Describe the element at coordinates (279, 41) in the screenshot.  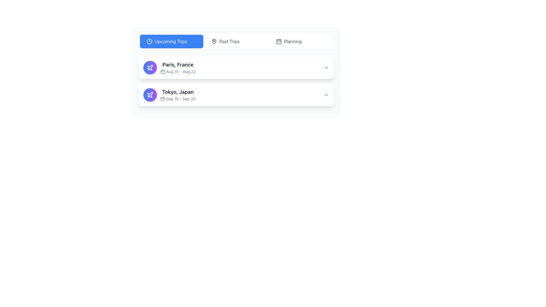
I see `the internal rounded rectangle of the calendar icon located within the 'Planning' tab in the top navigation section` at that location.